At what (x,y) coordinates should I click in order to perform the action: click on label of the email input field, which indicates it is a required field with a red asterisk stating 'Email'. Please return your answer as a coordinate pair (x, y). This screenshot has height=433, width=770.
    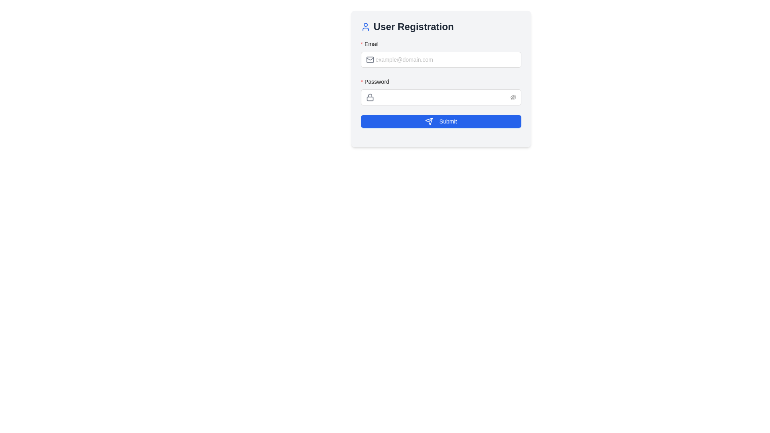
    Looking at the image, I should click on (440, 54).